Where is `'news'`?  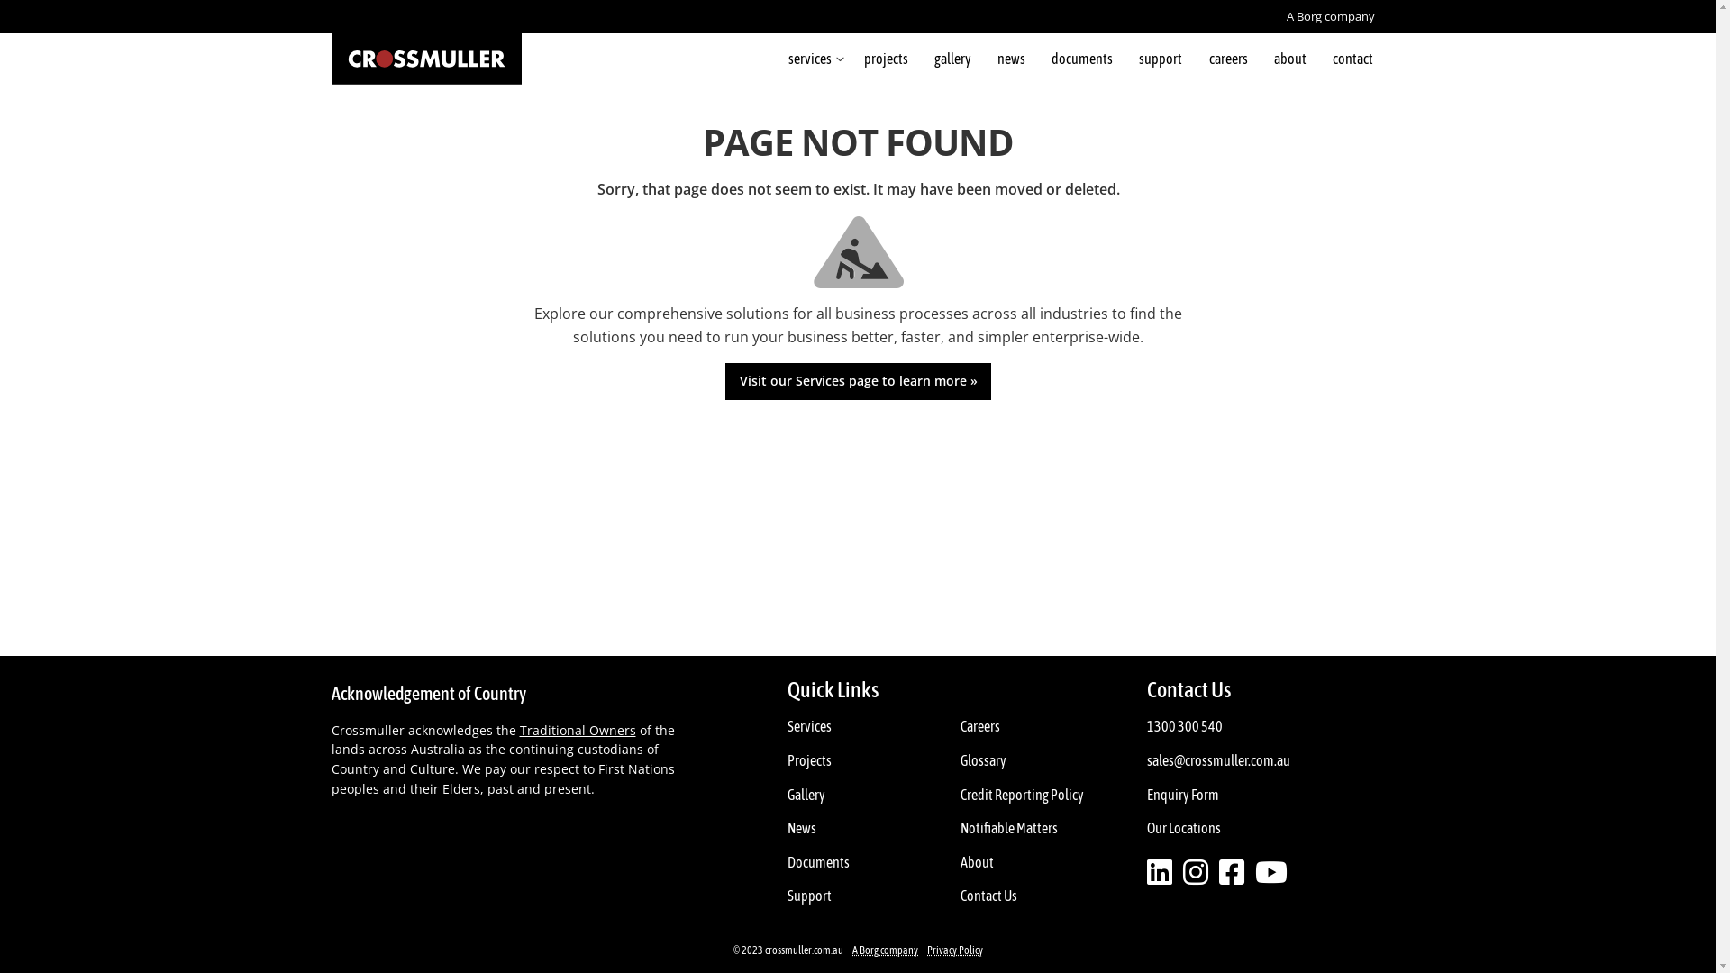
'news' is located at coordinates (1011, 58).